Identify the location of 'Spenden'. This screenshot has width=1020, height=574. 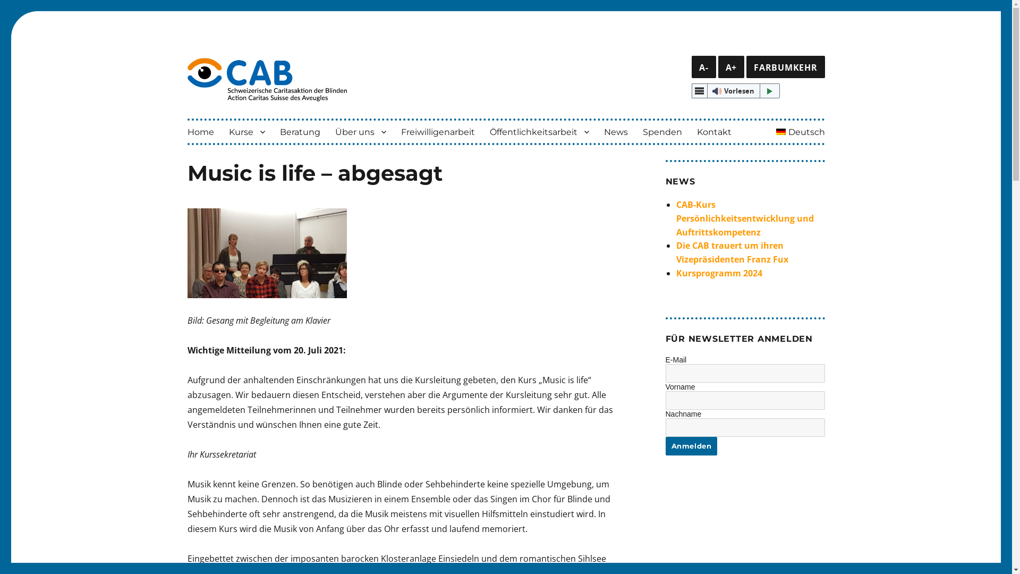
(662, 131).